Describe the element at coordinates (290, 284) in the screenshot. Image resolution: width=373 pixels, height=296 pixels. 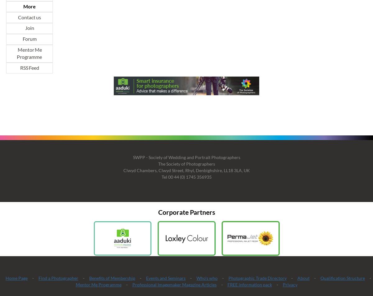
I see `'Privacy'` at that location.